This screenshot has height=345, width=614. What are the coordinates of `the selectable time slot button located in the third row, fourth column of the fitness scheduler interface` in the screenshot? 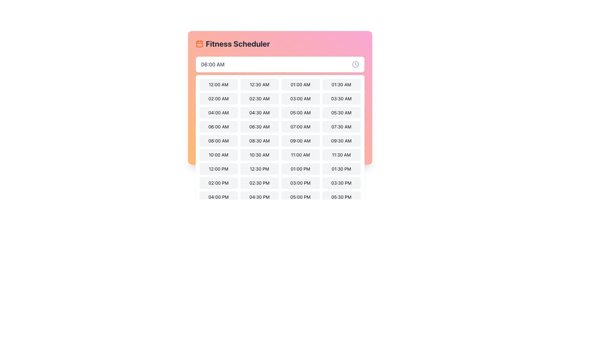 It's located at (341, 112).